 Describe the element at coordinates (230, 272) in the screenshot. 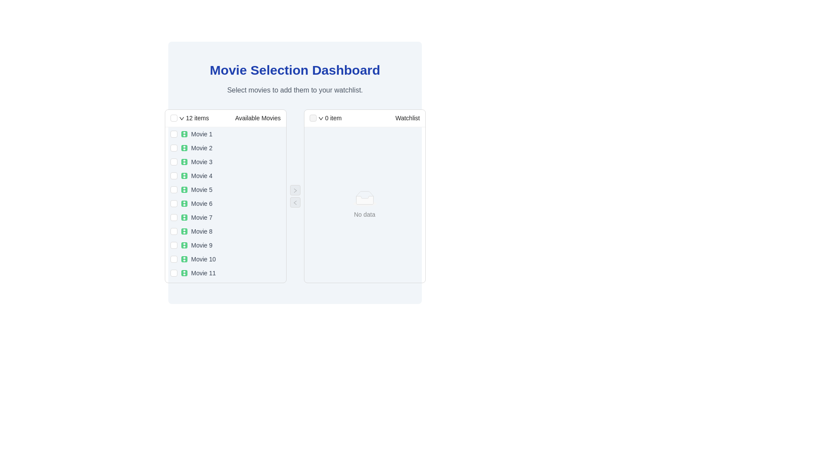

I see `the list item labeled 'Movie 11'` at that location.